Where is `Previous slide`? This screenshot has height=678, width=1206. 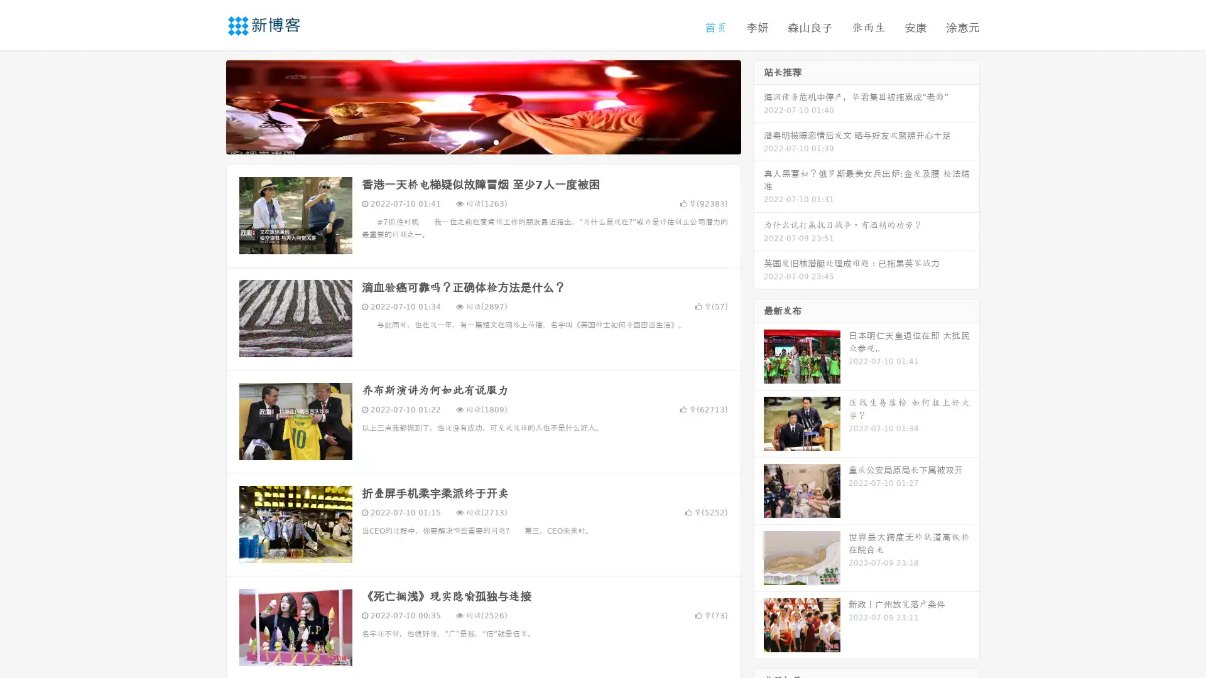
Previous slide is located at coordinates (207, 105).